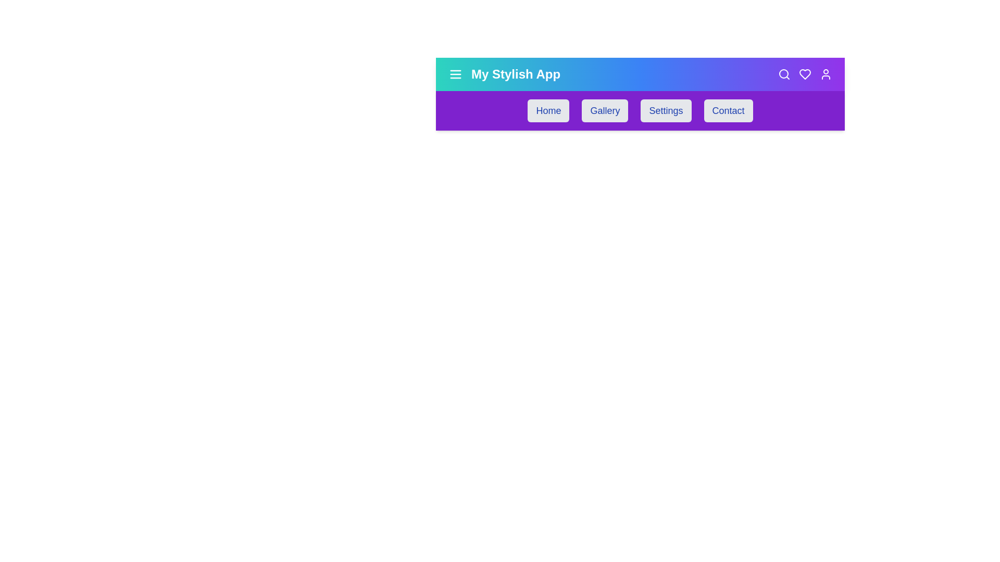 This screenshot has width=1000, height=562. Describe the element at coordinates (547, 110) in the screenshot. I see `the navigation link Home from the menu` at that location.